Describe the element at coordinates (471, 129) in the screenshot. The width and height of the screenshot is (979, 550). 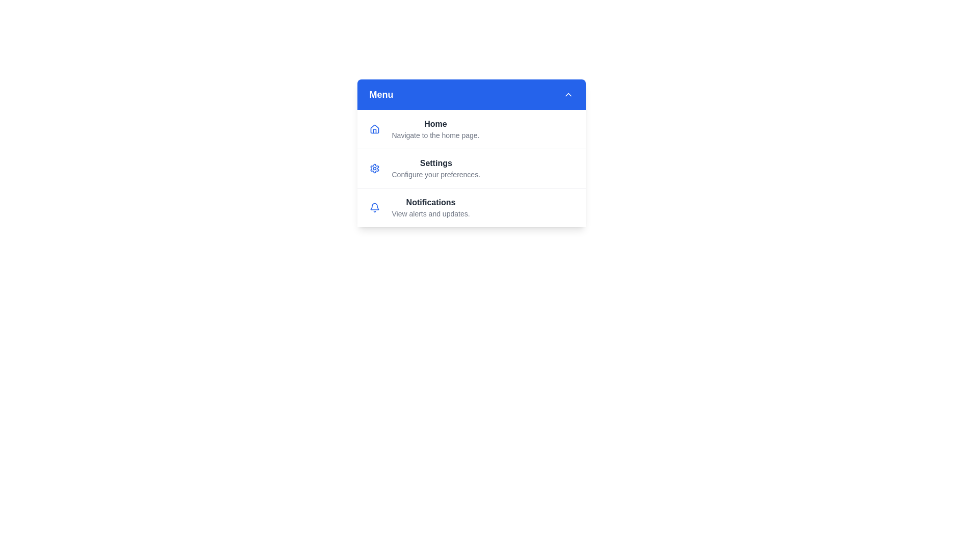
I see `the menu item Home to see its hover effect` at that location.